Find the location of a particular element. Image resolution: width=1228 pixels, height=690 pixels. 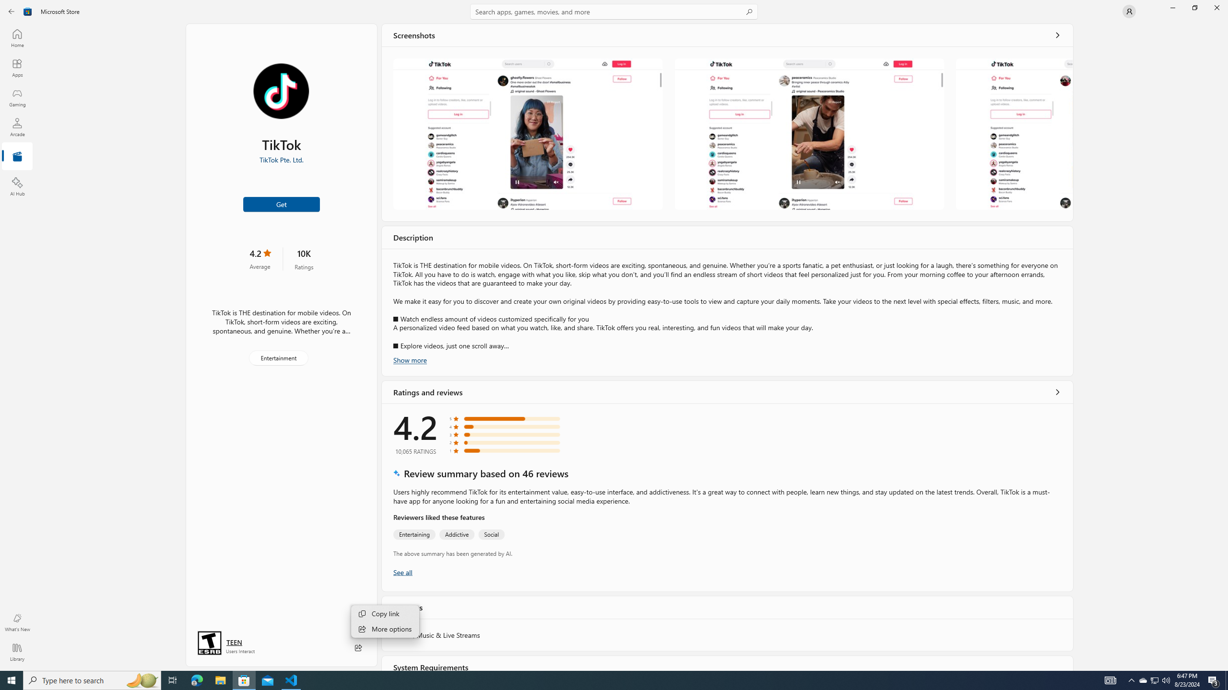

'Restore Microsoft Store' is located at coordinates (1194, 7).